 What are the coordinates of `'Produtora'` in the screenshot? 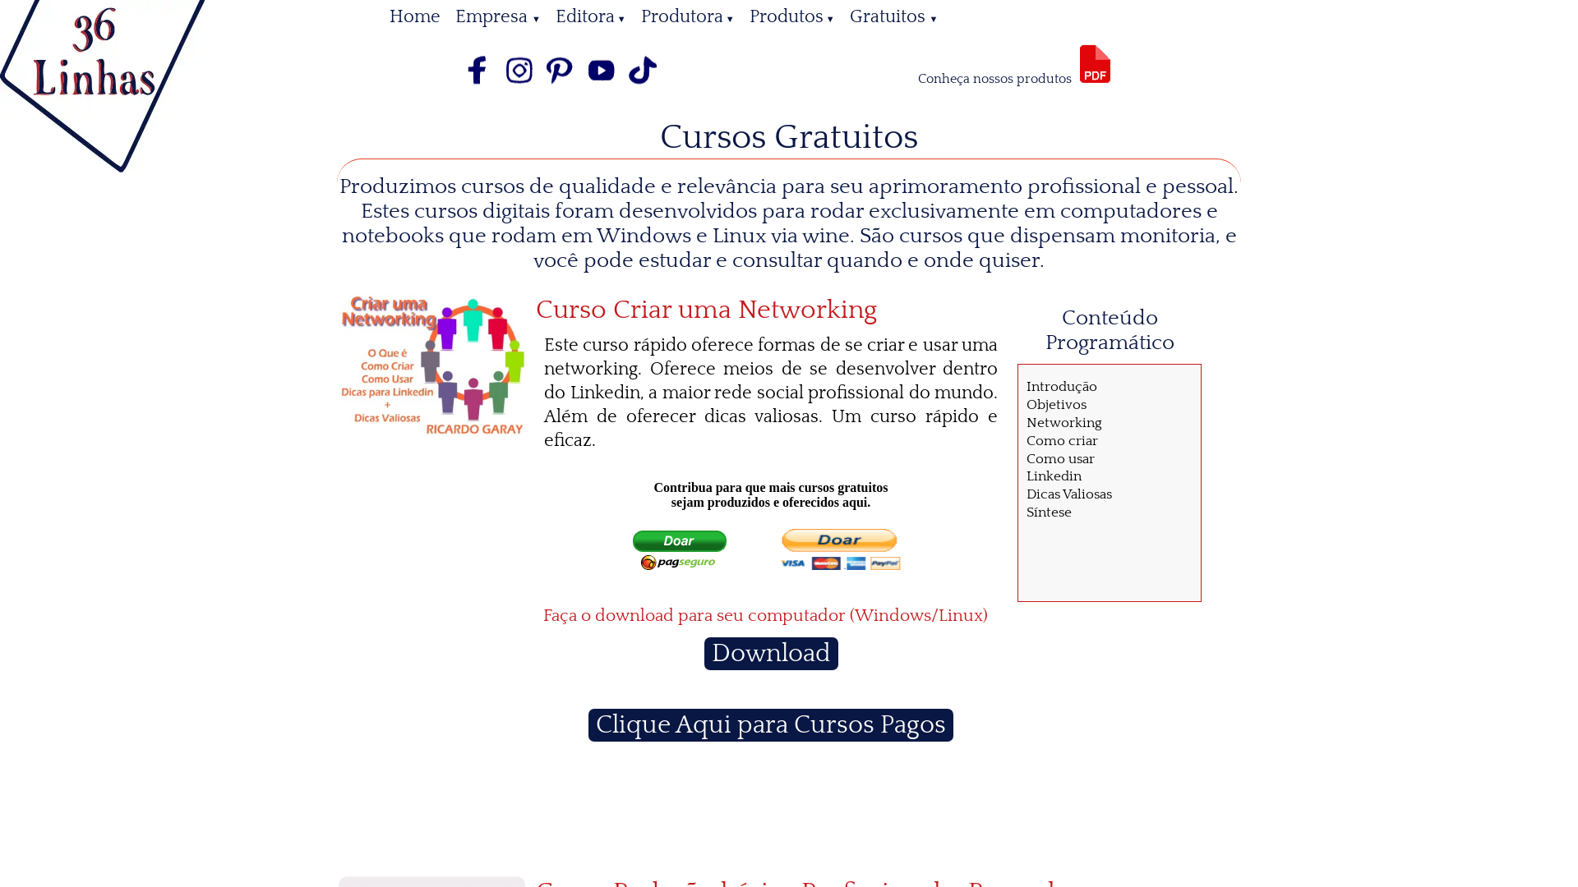 It's located at (633, 16).